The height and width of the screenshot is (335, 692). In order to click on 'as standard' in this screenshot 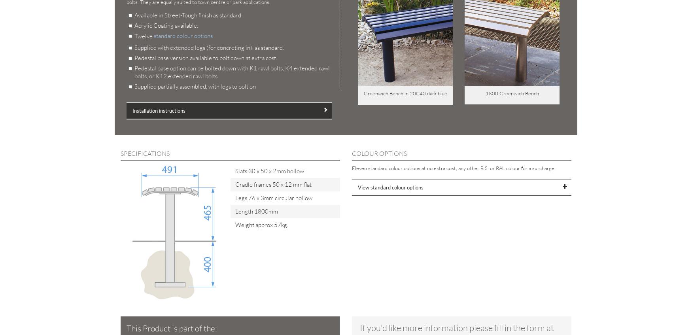, I will do `click(226, 15)`.